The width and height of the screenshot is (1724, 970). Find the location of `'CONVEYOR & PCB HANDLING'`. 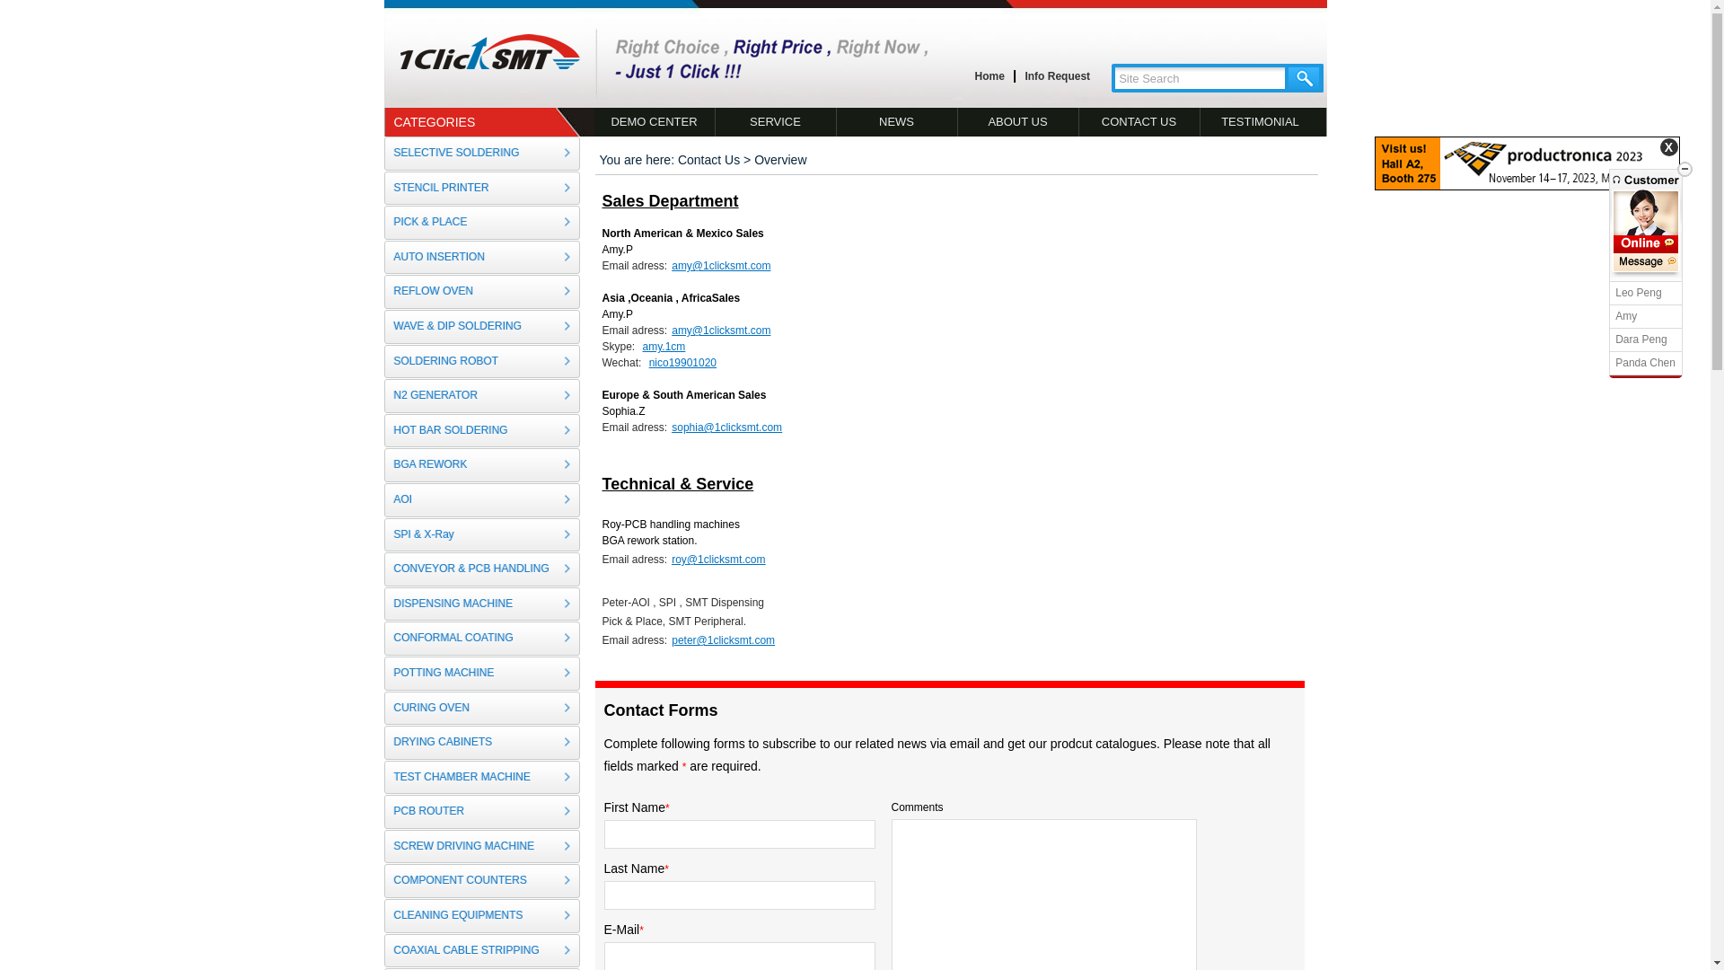

'CONVEYOR & PCB HANDLING' is located at coordinates (482, 569).